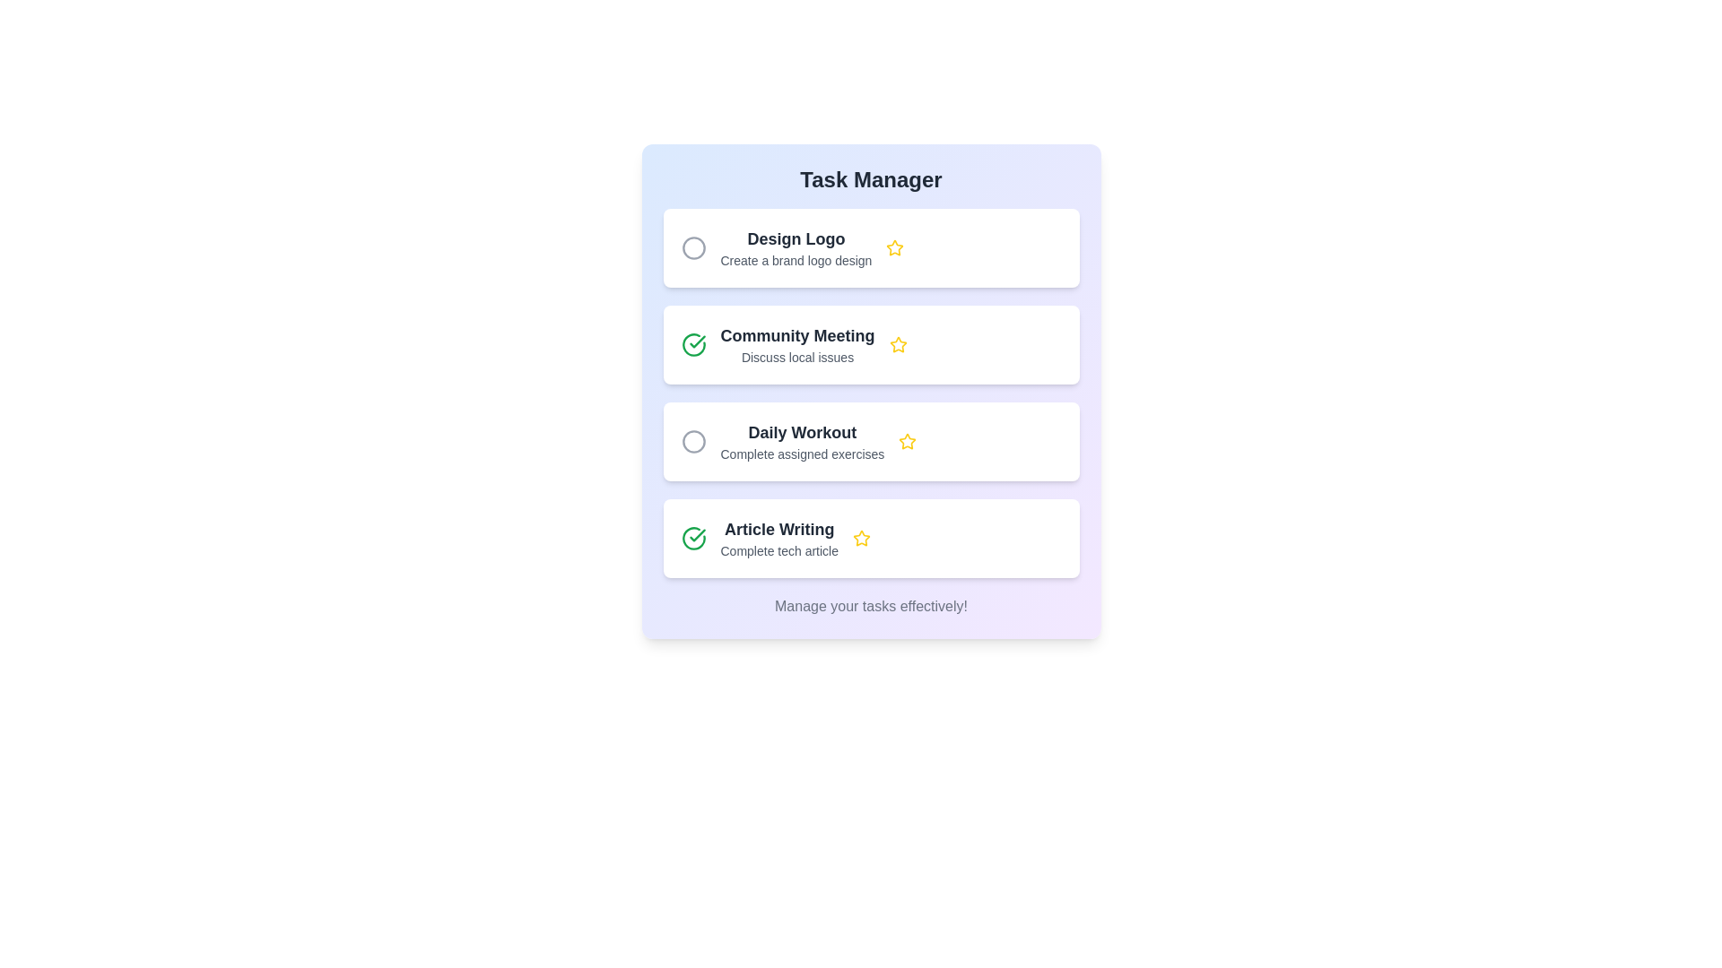  Describe the element at coordinates (861, 538) in the screenshot. I see `the star icon next to the task Article Writing` at that location.